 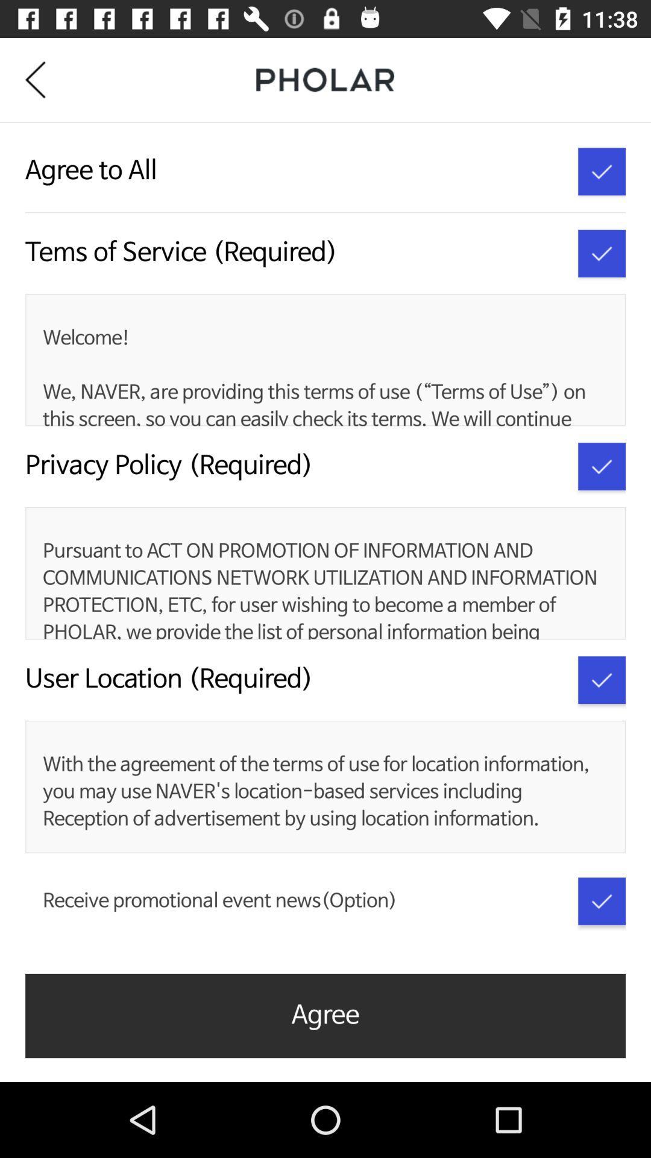 I want to click on icon at the top left corner, so click(x=43, y=79).